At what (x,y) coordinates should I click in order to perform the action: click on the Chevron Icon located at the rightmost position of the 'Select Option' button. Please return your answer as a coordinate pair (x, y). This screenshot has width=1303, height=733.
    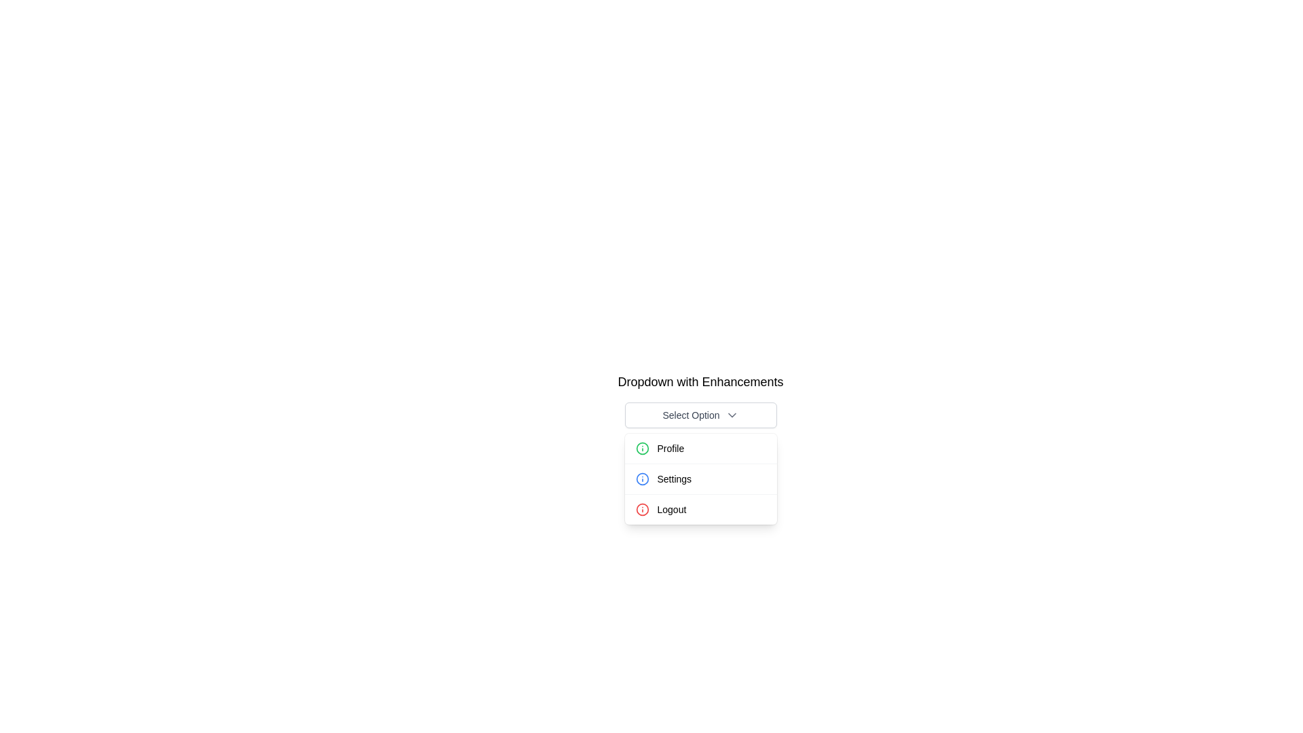
    Looking at the image, I should click on (731, 415).